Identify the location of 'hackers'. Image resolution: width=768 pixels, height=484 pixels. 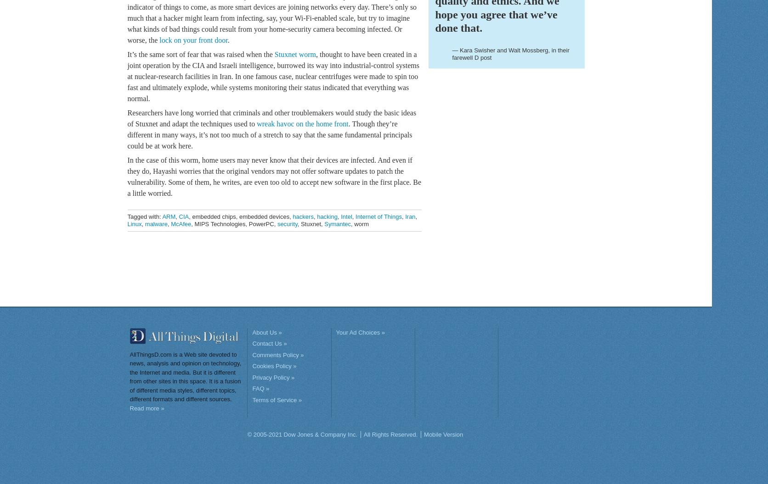
(303, 216).